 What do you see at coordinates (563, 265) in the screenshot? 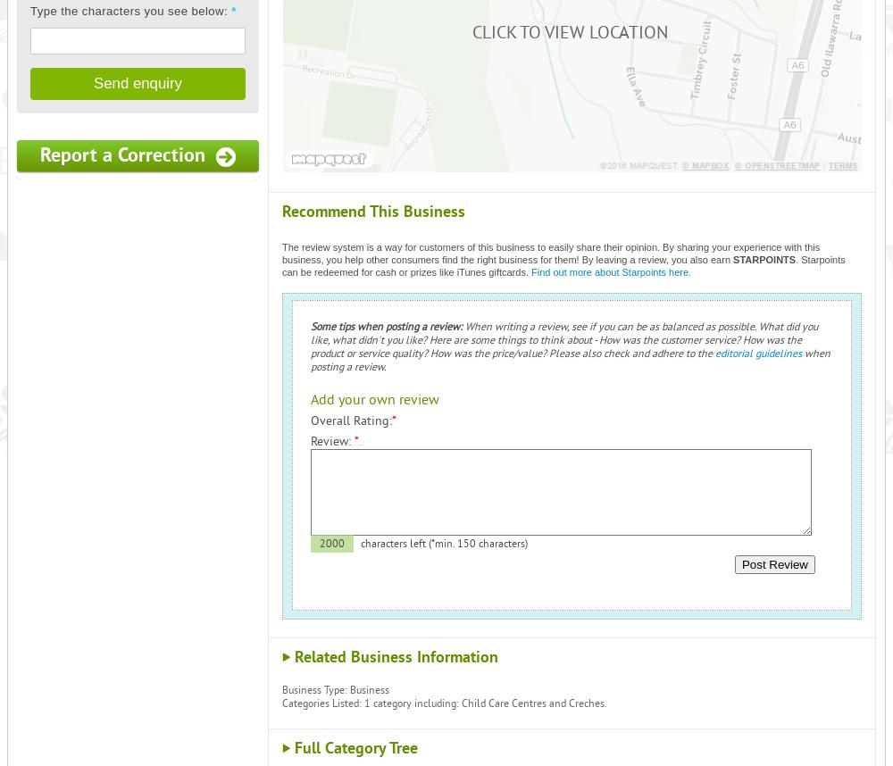
I see `'. Starpoints can be redeemed for cash or prizes like iTunes giftcards.'` at bounding box center [563, 265].